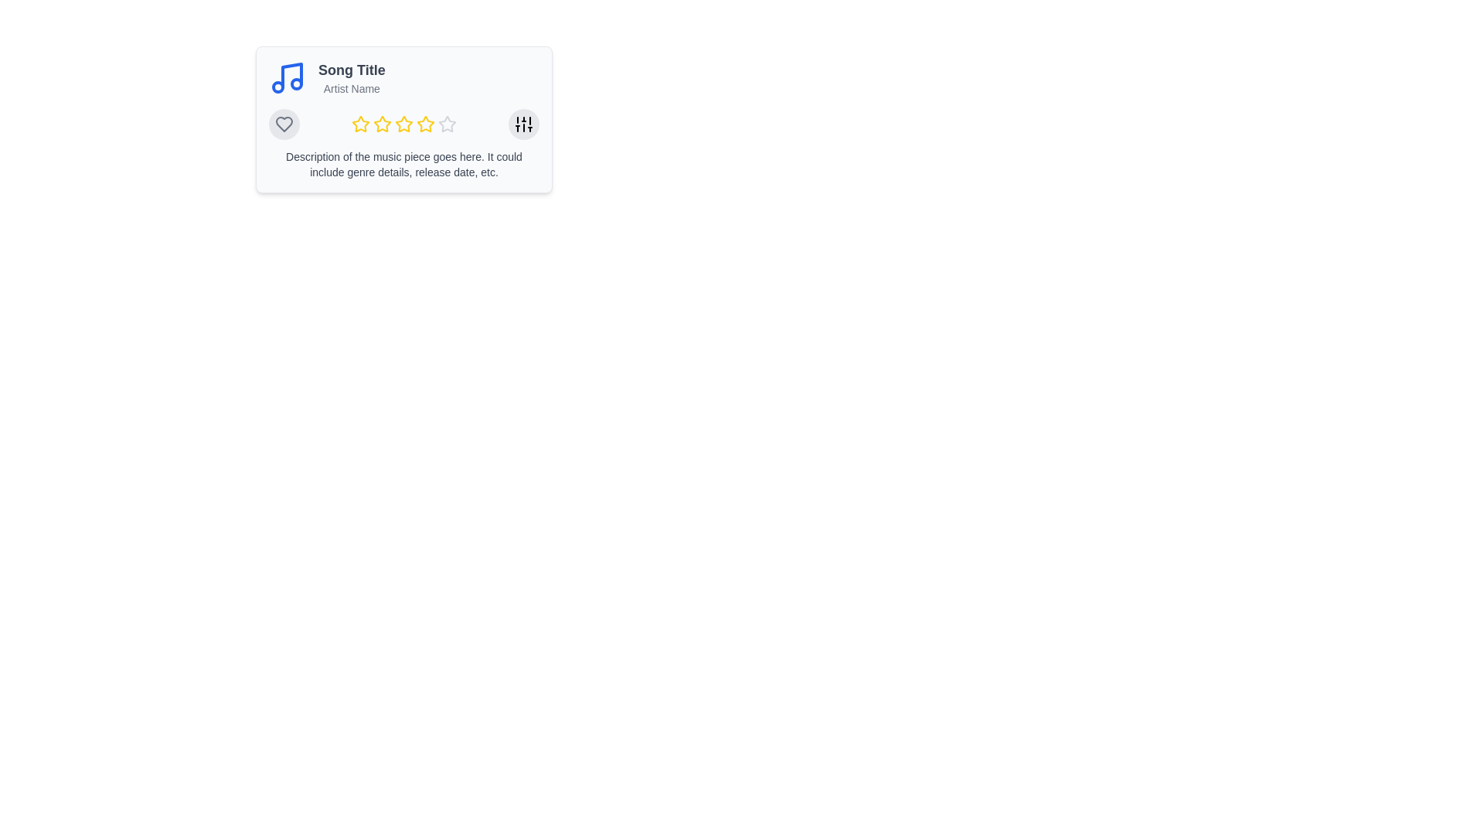 Image resolution: width=1484 pixels, height=835 pixels. What do you see at coordinates (447, 123) in the screenshot?
I see `the fourth star-shaped icon in the rating system for keyboard selection` at bounding box center [447, 123].